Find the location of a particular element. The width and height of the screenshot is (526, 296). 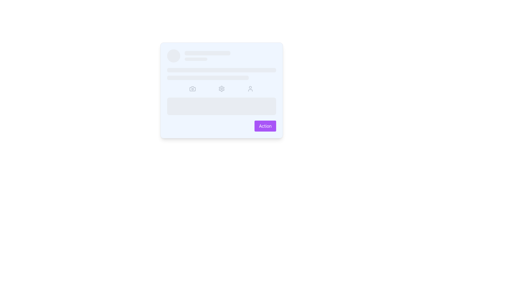

the user-related action icon, which is the third icon in a horizontal group of three is located at coordinates (250, 89).